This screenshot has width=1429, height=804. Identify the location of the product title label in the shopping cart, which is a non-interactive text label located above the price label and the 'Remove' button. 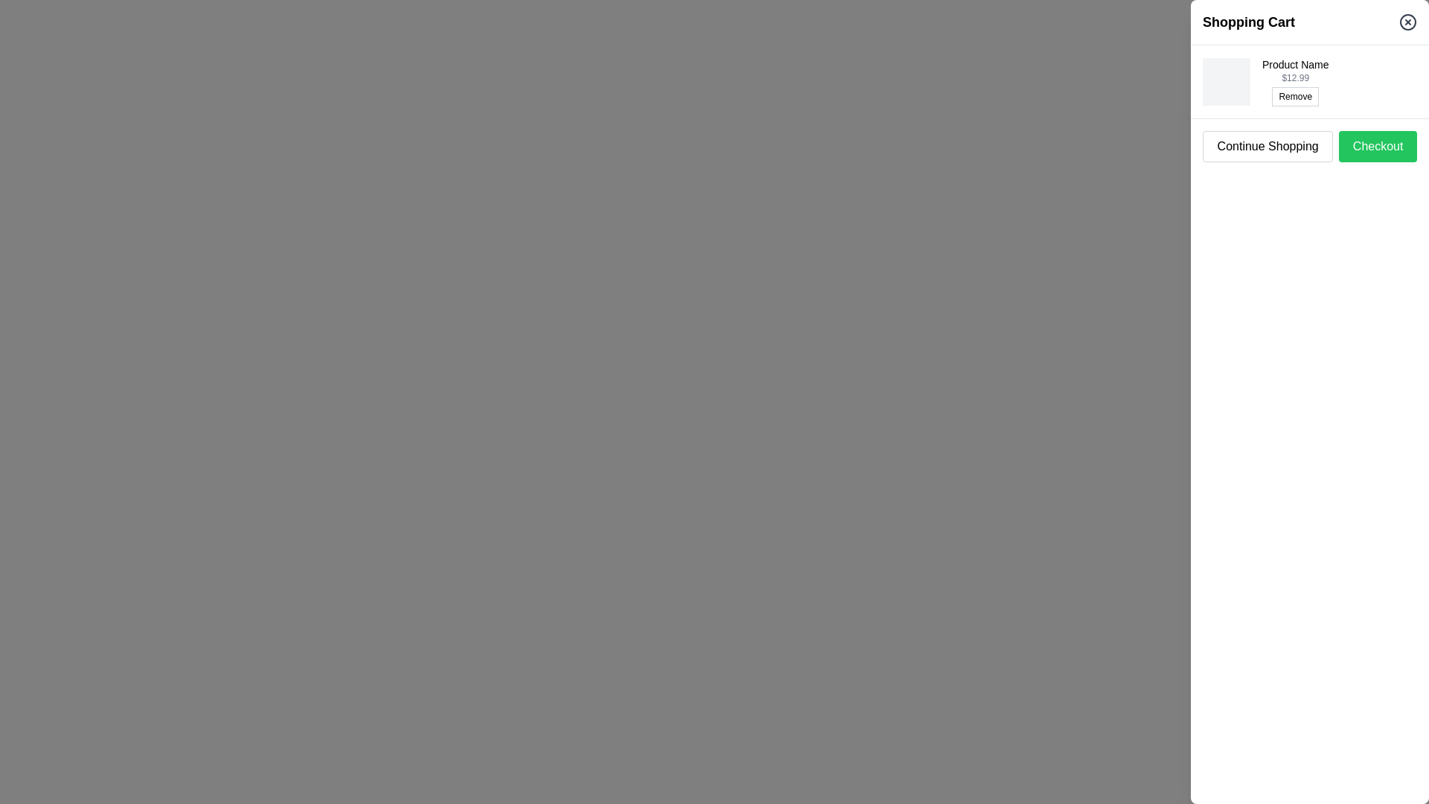
(1294, 64).